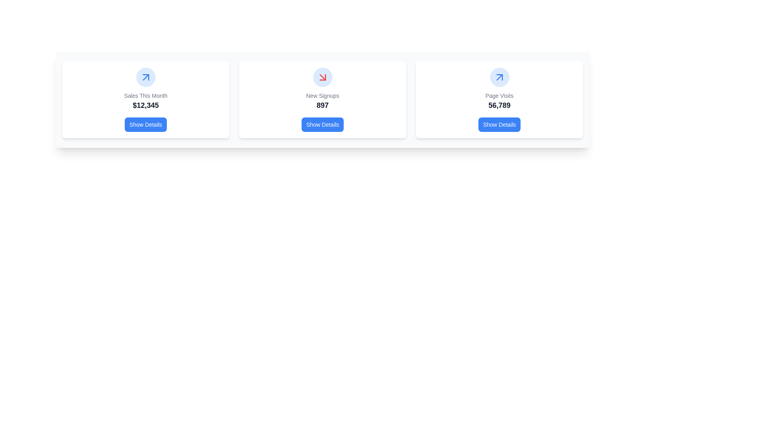 The image size is (770, 433). I want to click on the button located below the 'Sales This Month' title and '$12,345' value, so click(146, 125).